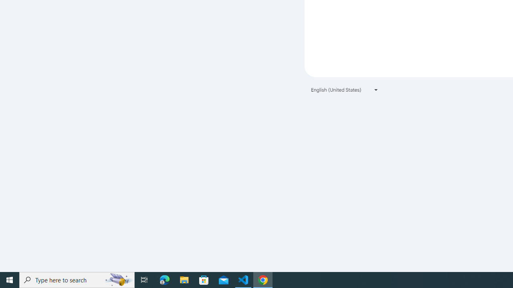 This screenshot has height=288, width=513. Describe the element at coordinates (345, 90) in the screenshot. I see `'English (United States)'` at that location.